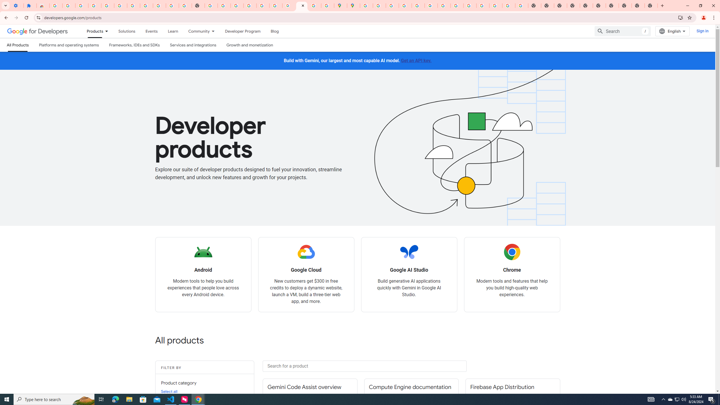 This screenshot has width=720, height=405. What do you see at coordinates (92, 31) in the screenshot?
I see `'Products, selected'` at bounding box center [92, 31].